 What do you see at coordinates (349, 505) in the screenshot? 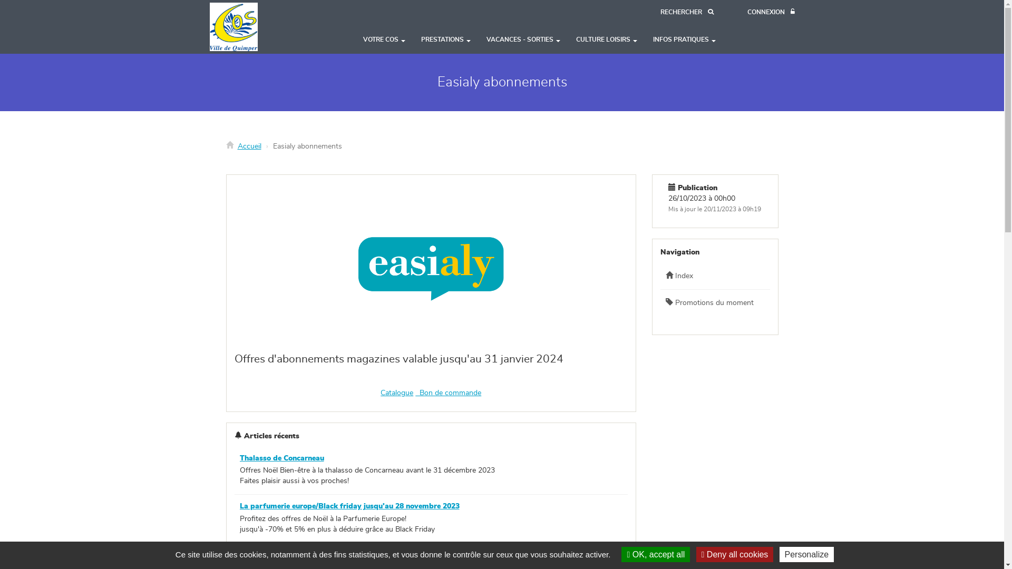
I see `'La parfumerie europe/Black friday jusqu'au 28 novembre 2023'` at bounding box center [349, 505].